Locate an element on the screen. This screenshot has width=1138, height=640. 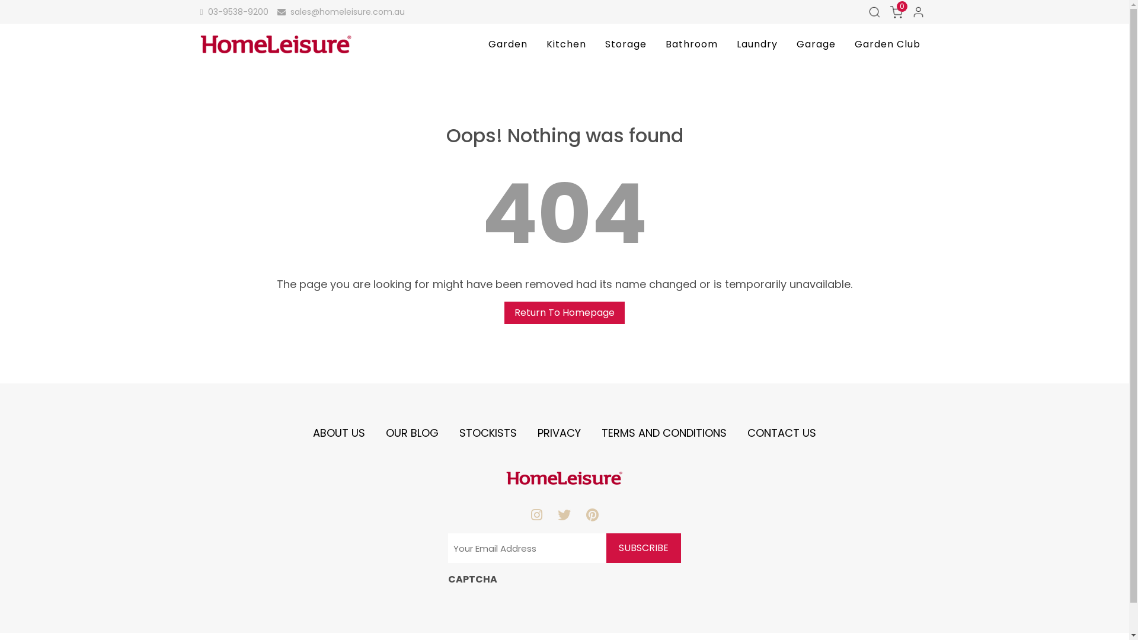
'0' is located at coordinates (896, 11).